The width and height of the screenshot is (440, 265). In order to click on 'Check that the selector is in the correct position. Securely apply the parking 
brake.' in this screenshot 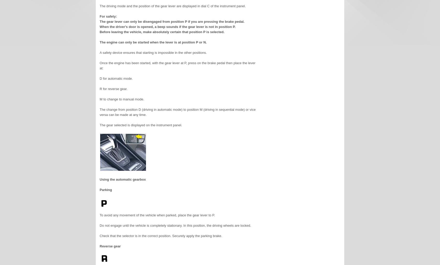, I will do `click(160, 235)`.